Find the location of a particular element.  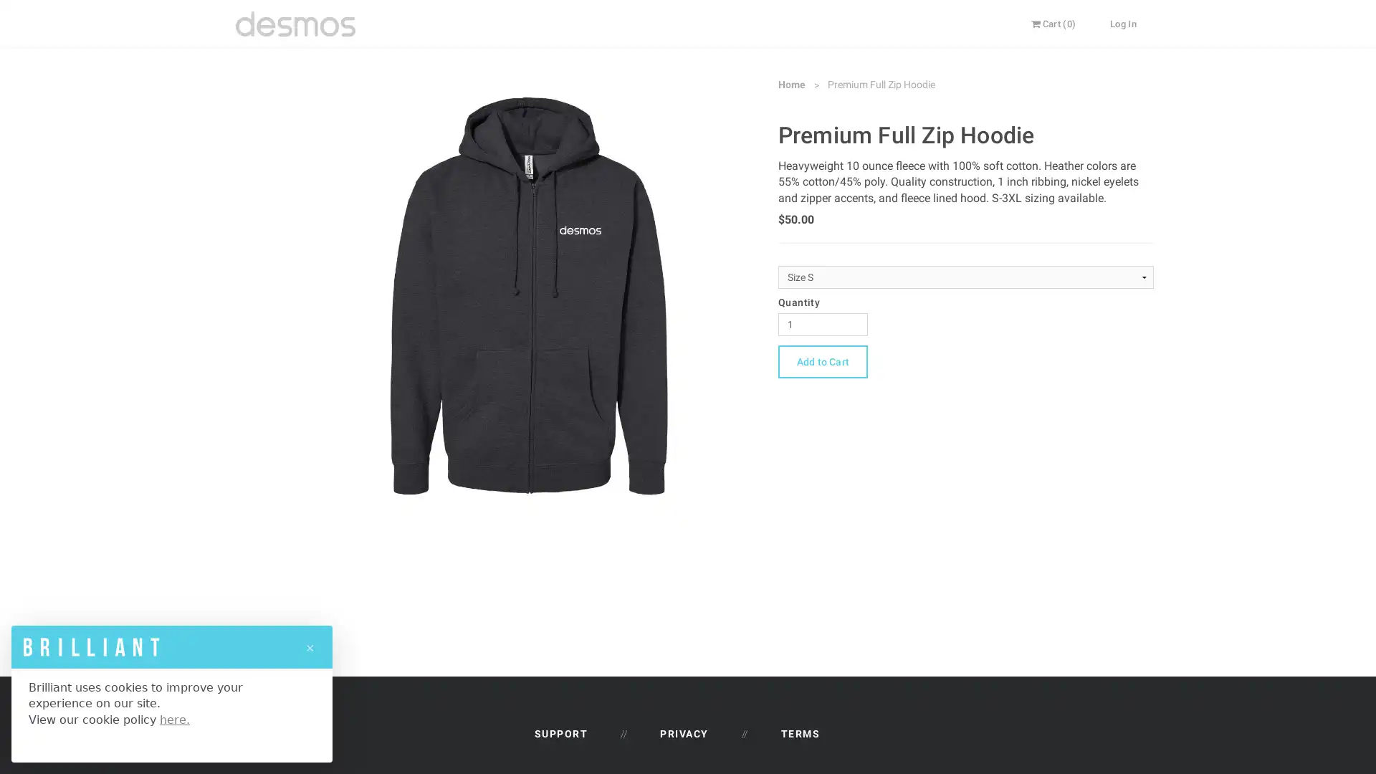

Add to Cart is located at coordinates (822, 360).